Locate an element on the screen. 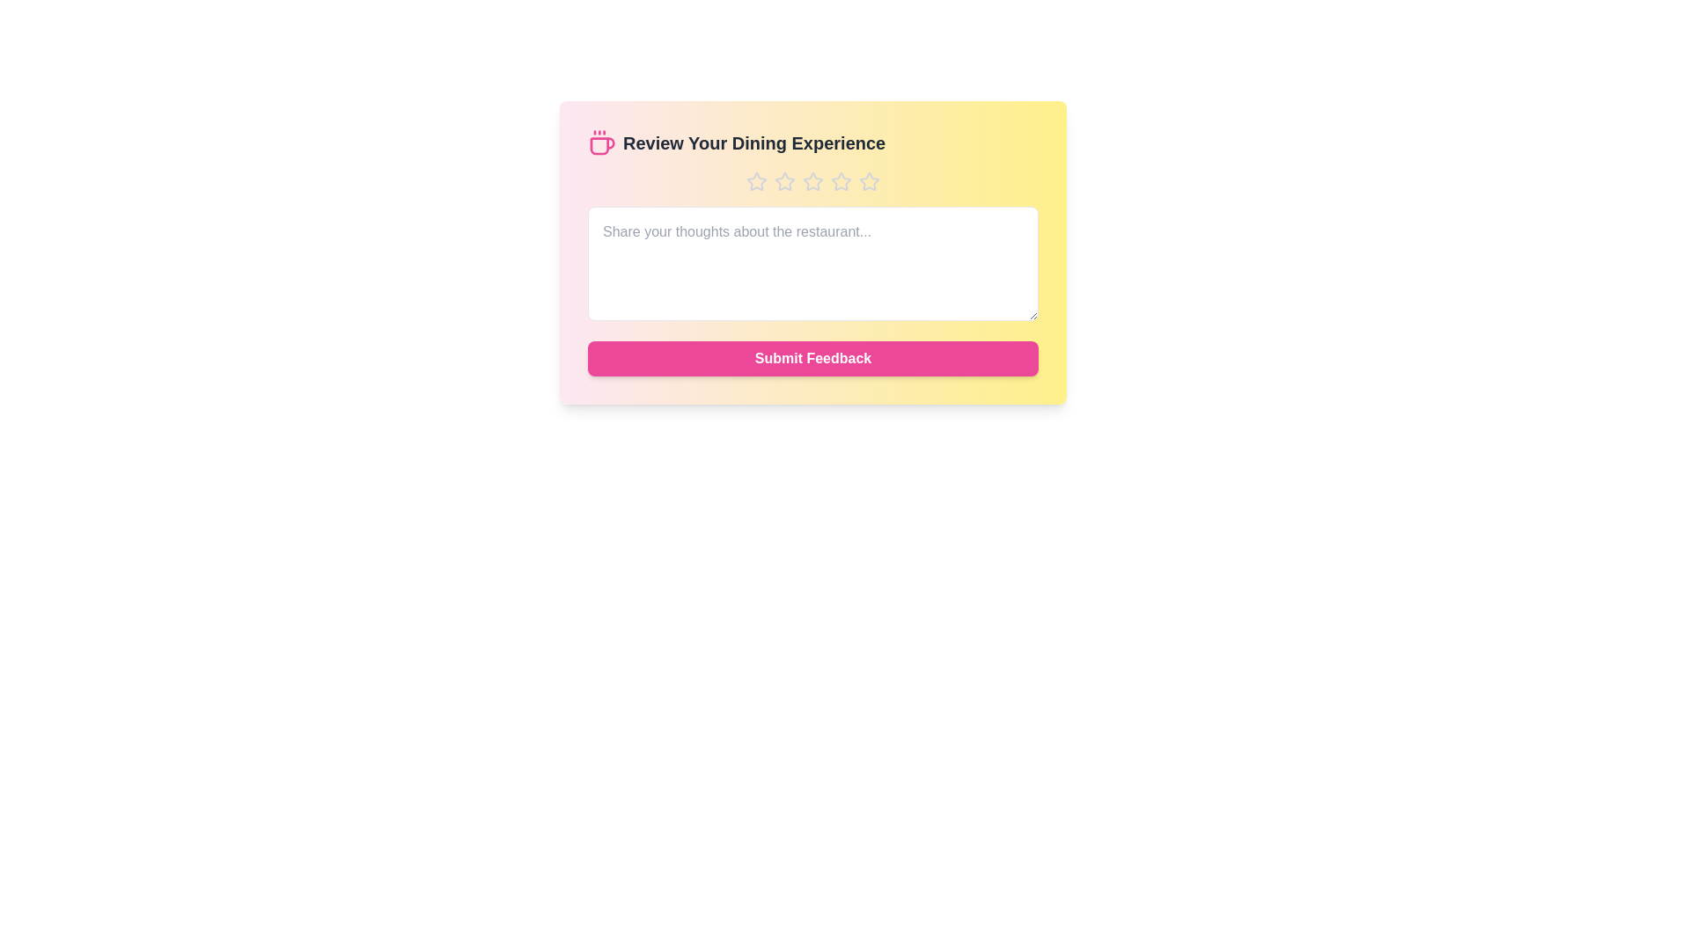  the 'Submit Feedback' button to submit the review is located at coordinates (812, 358).